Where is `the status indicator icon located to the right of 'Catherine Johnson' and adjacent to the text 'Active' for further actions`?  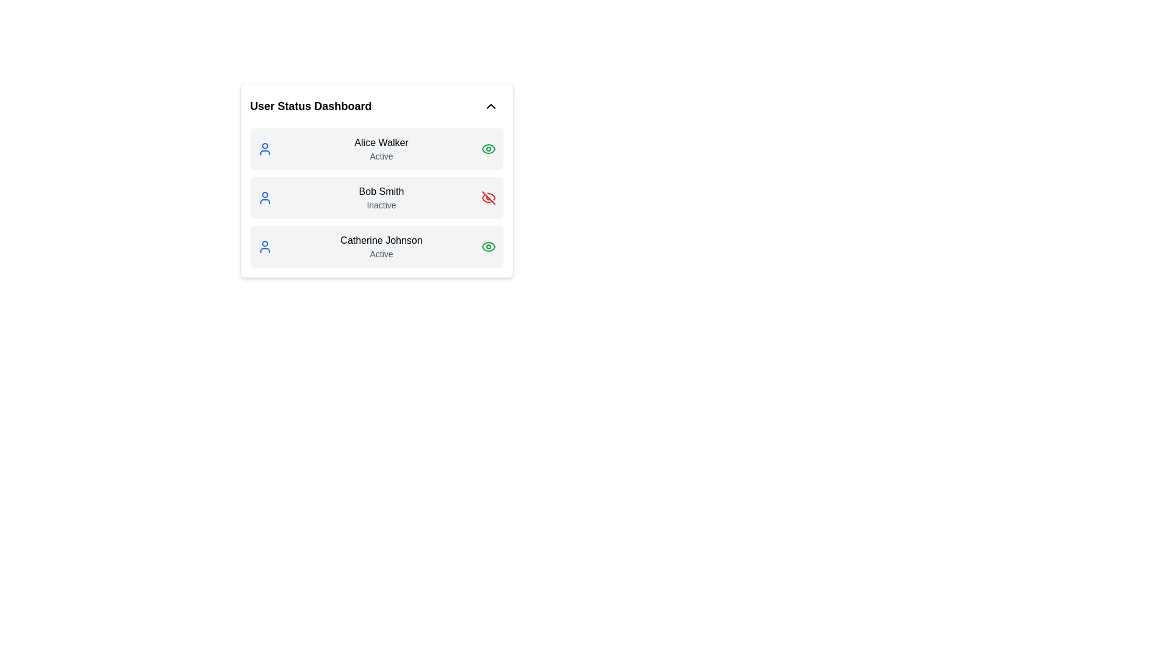 the status indicator icon located to the right of 'Catherine Johnson' and adjacent to the text 'Active' for further actions is located at coordinates (488, 247).